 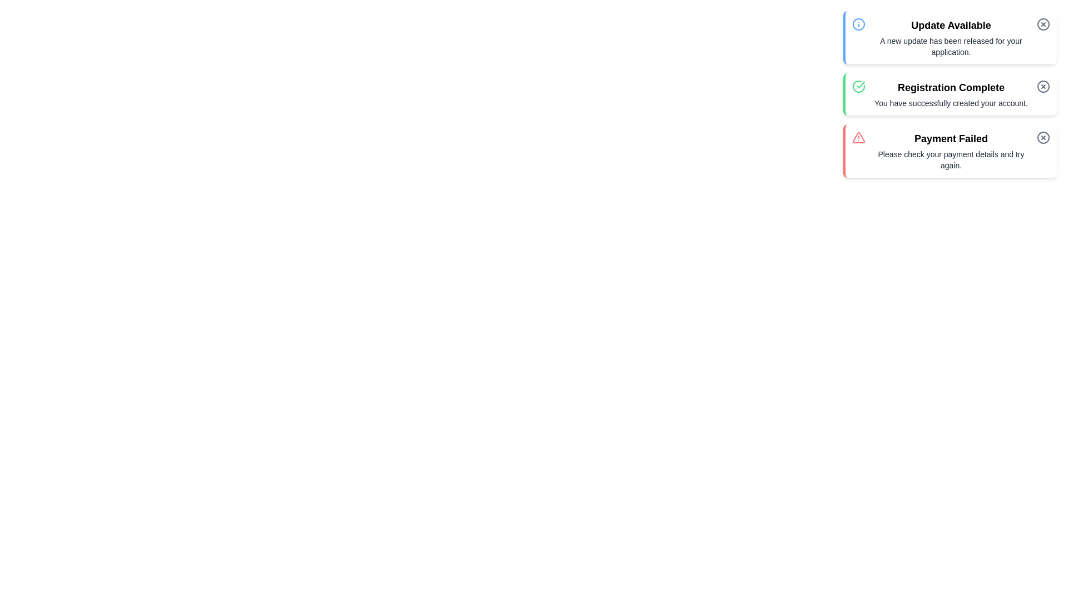 I want to click on the Notification card that indicates successful registration, which is the second item in a vertical group of notifications, so click(x=950, y=93).